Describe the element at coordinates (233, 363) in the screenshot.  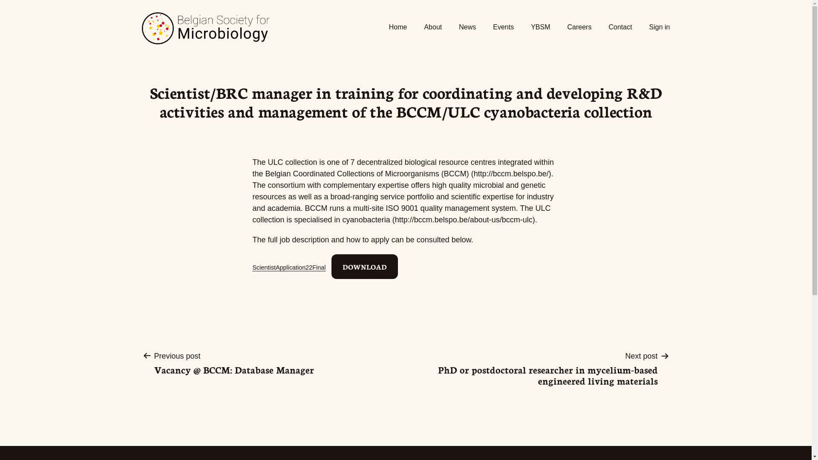
I see `'Previous post` at that location.